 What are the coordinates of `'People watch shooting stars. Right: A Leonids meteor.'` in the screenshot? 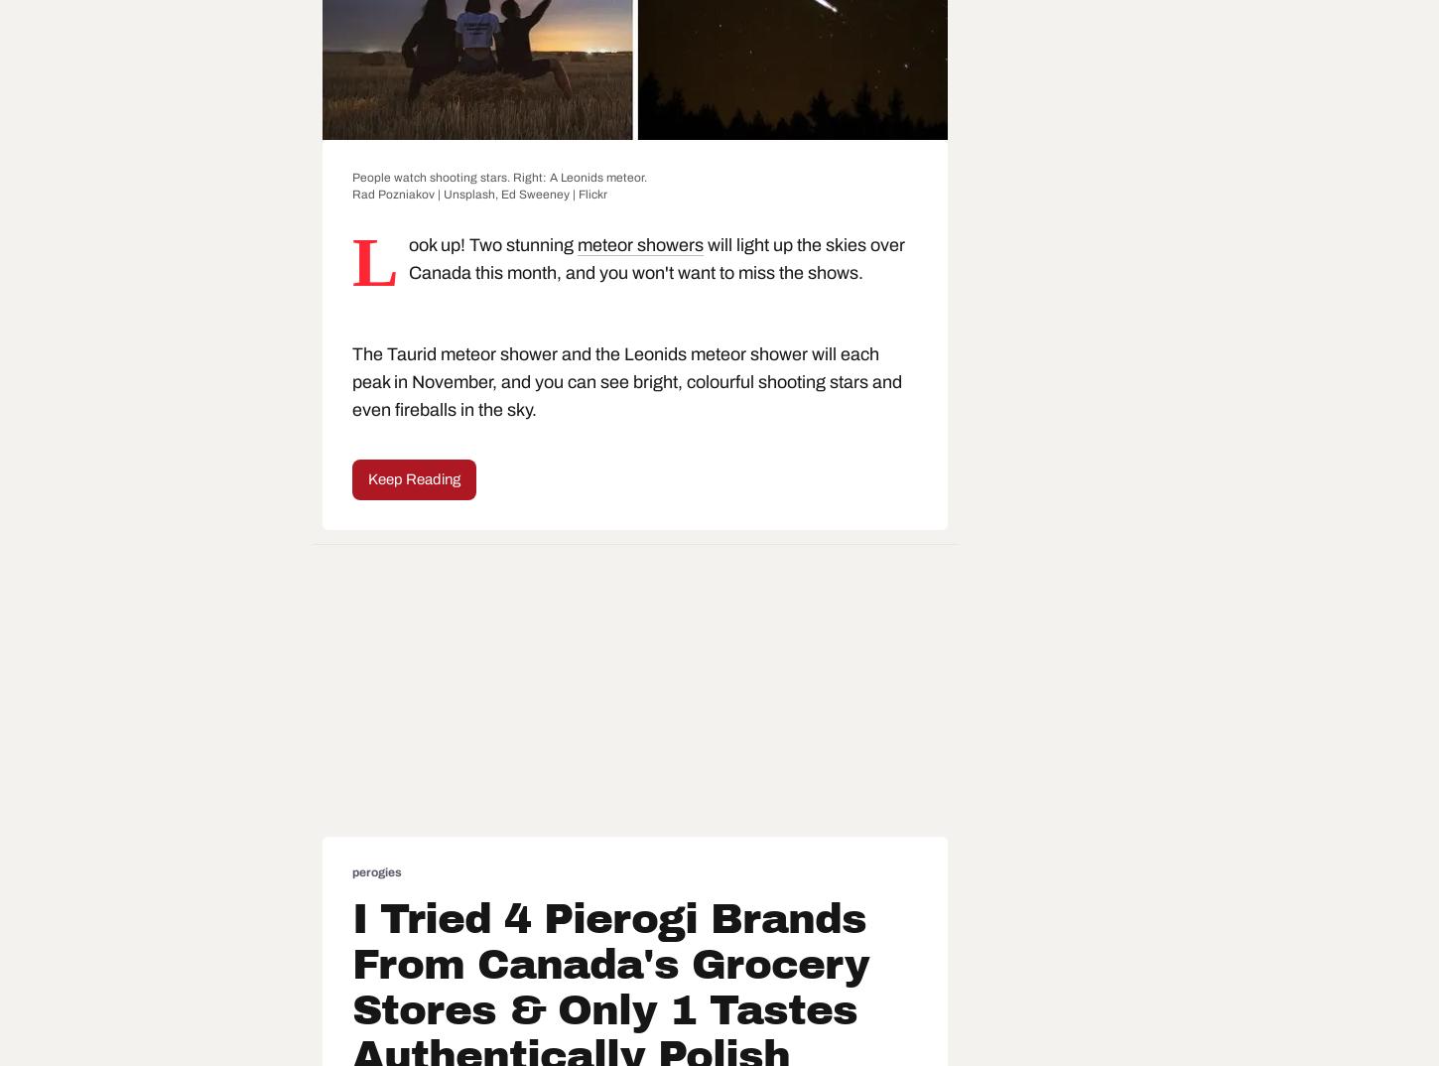 It's located at (499, 178).